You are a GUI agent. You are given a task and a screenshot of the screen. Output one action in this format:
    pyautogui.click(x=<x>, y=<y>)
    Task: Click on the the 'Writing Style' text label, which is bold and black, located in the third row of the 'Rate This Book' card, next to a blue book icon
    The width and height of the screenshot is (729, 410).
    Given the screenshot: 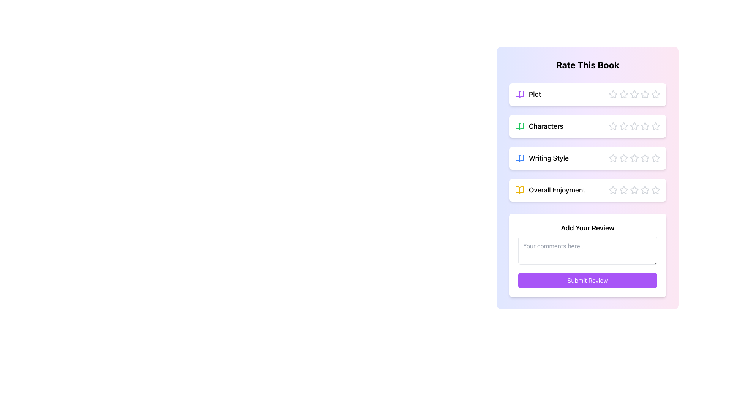 What is the action you would take?
    pyautogui.click(x=549, y=158)
    